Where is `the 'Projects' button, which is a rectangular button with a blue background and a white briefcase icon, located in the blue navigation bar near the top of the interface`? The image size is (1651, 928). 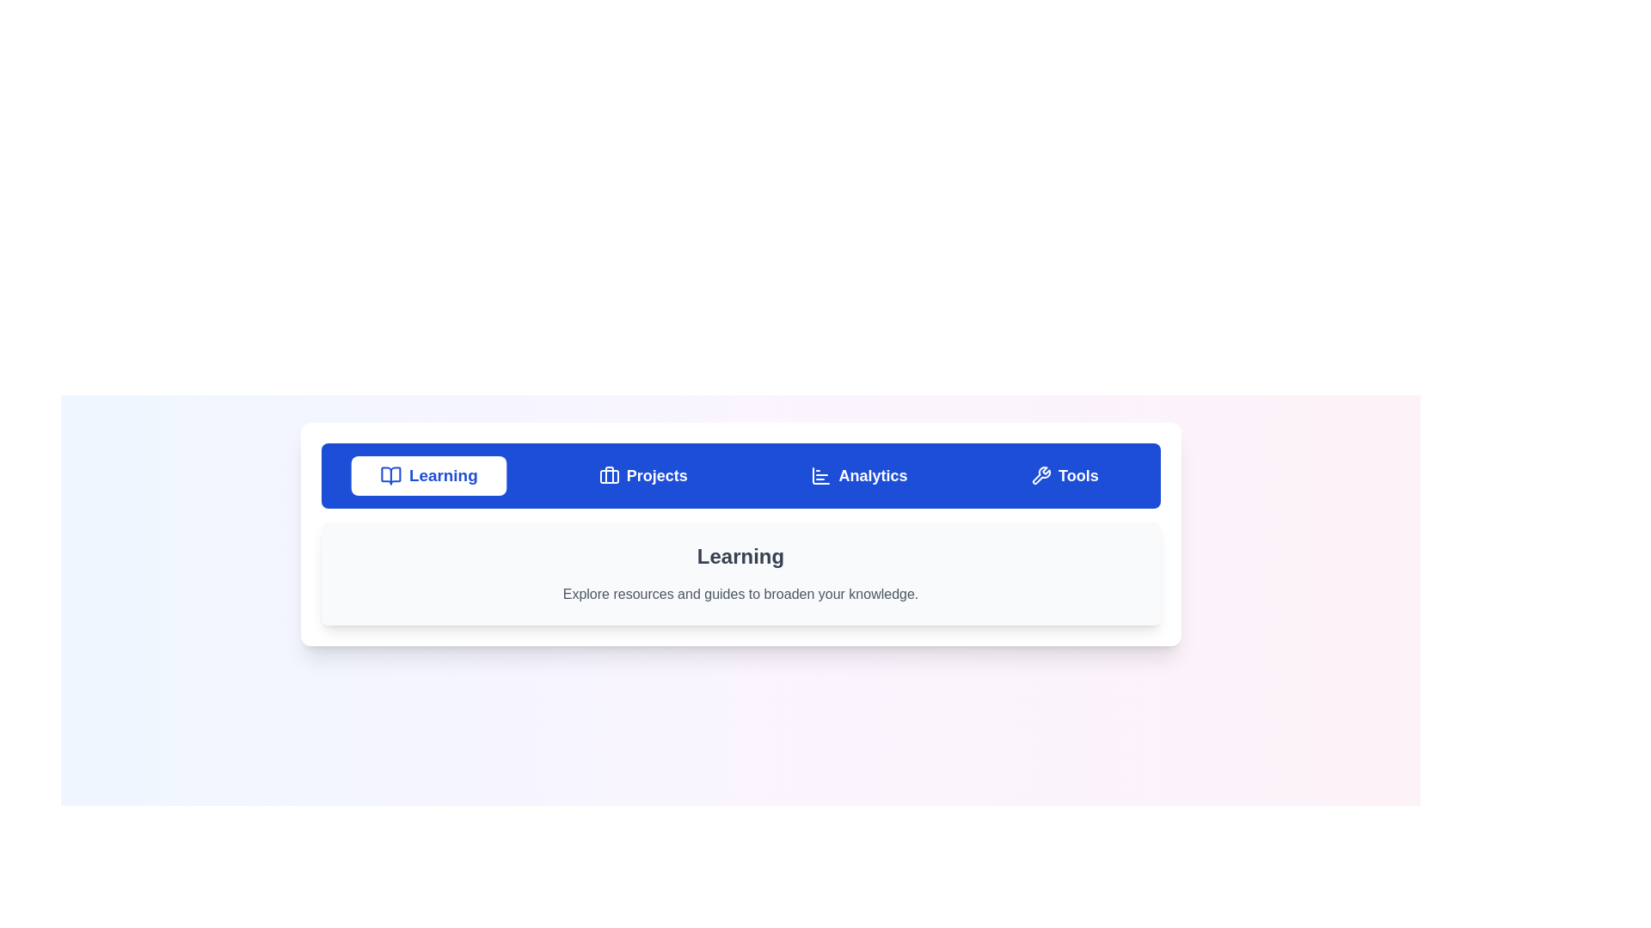
the 'Projects' button, which is a rectangular button with a blue background and a white briefcase icon, located in the blue navigation bar near the top of the interface is located at coordinates (642, 476).